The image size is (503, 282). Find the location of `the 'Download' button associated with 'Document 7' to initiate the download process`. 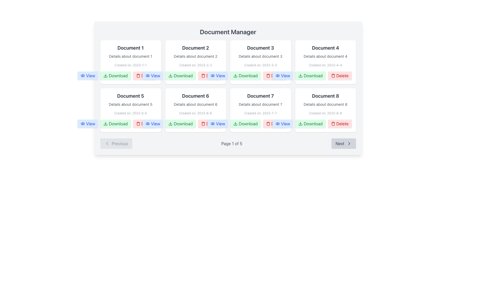

the 'Download' button associated with 'Document 7' to initiate the download process is located at coordinates (245, 124).